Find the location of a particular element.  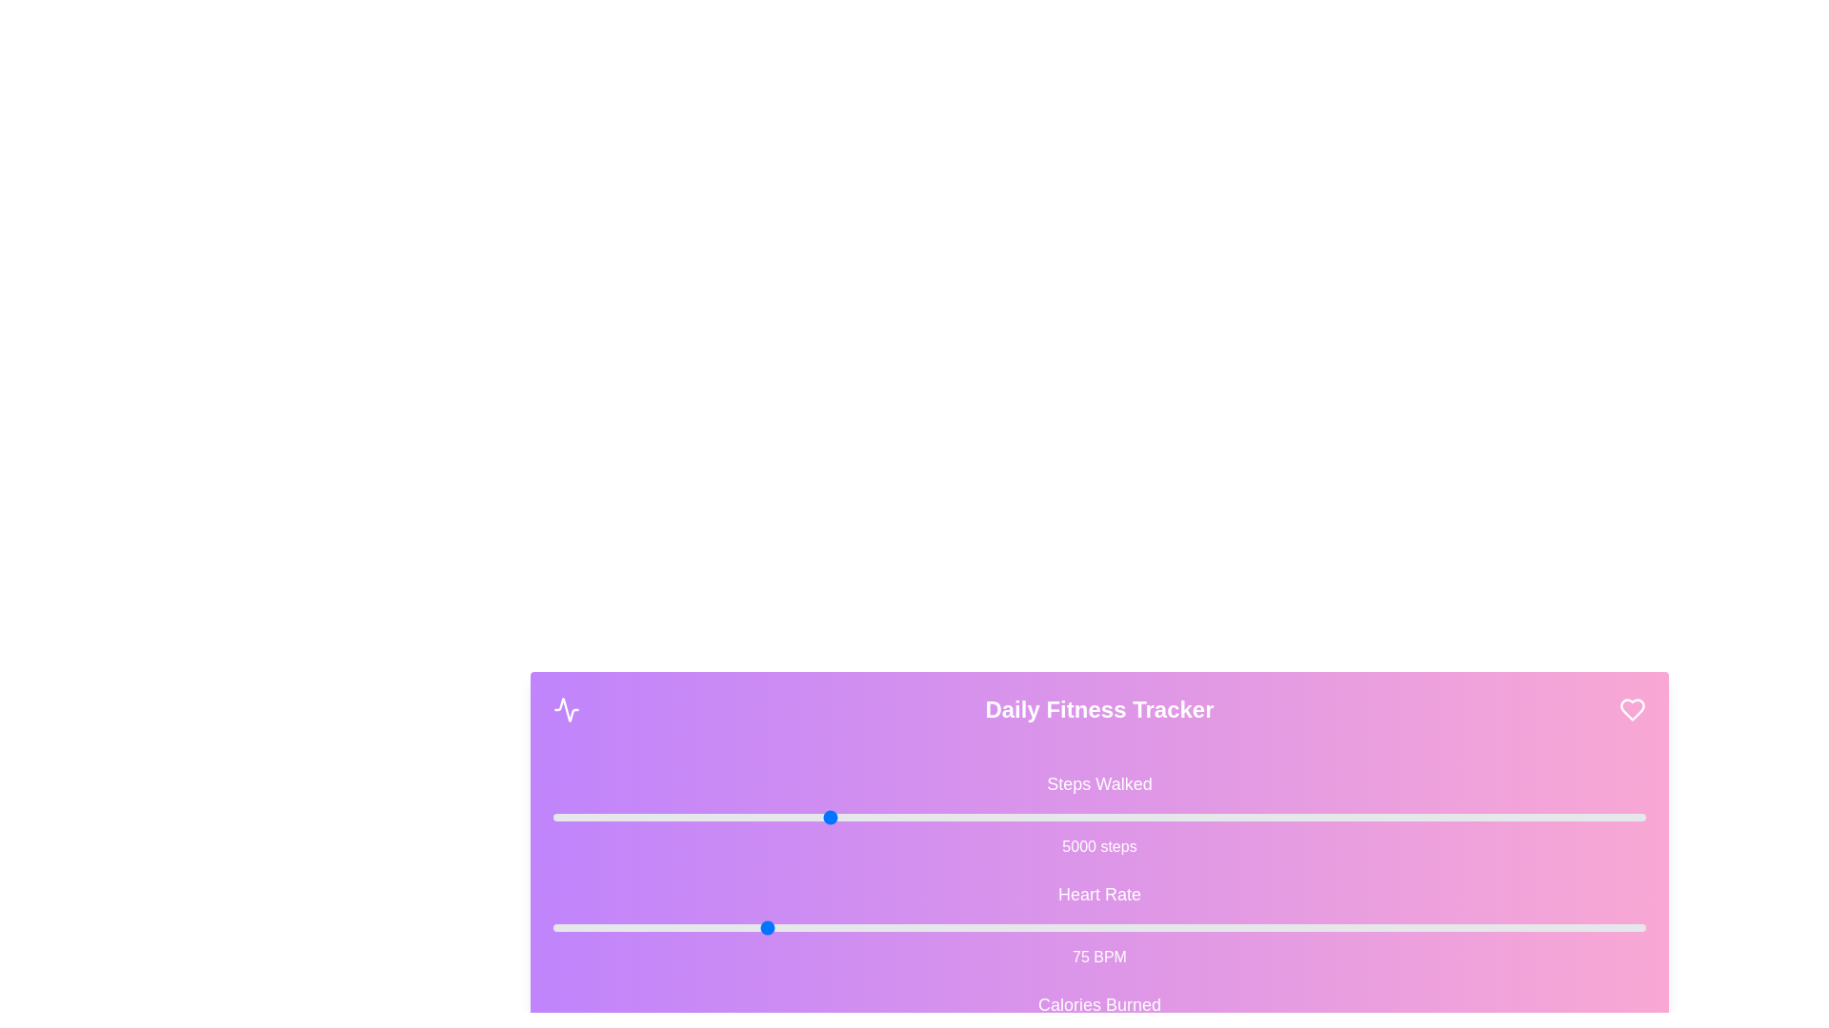

the 'Heart Rate' slider to 138 BPM is located at coordinates (1293, 927).